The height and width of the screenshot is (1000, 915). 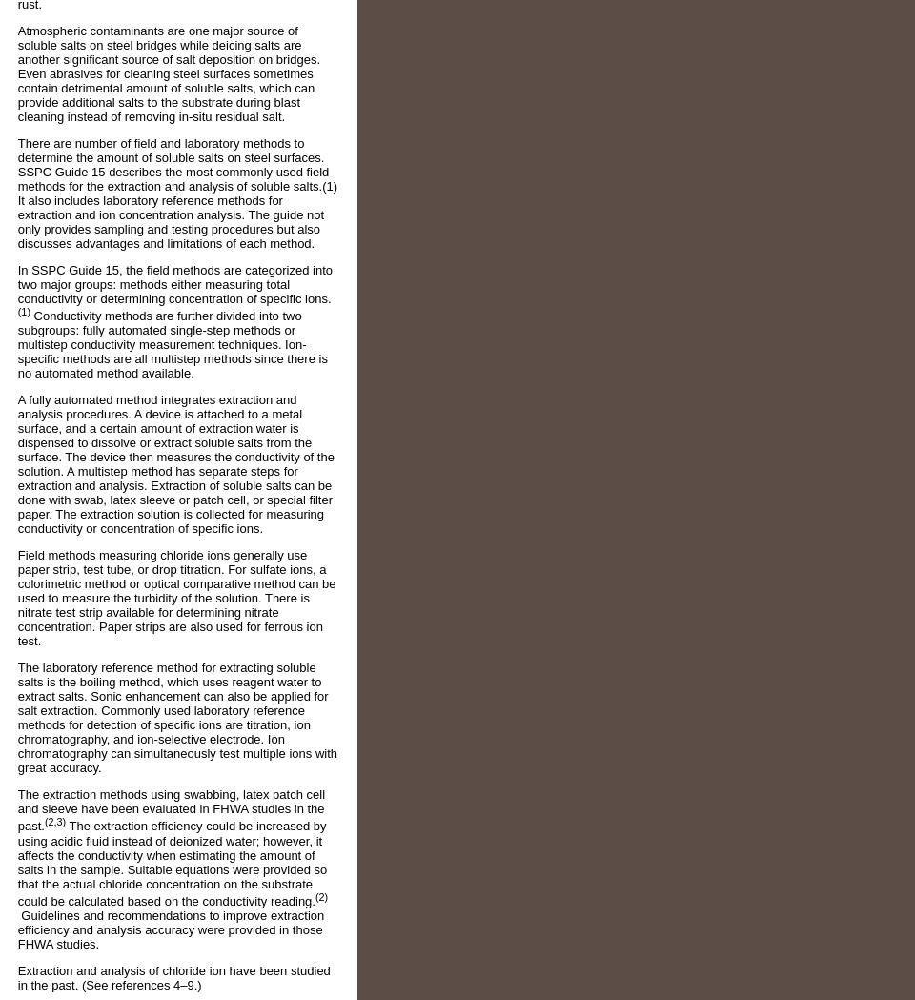 What do you see at coordinates (320, 896) in the screenshot?
I see `'(2)'` at bounding box center [320, 896].